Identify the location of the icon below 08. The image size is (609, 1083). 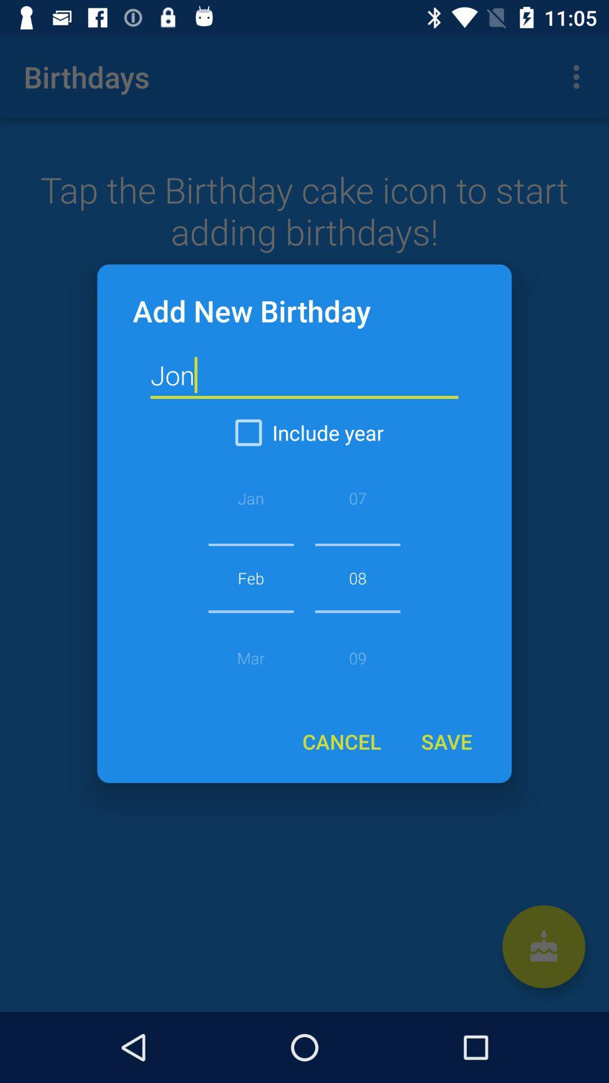
(445, 741).